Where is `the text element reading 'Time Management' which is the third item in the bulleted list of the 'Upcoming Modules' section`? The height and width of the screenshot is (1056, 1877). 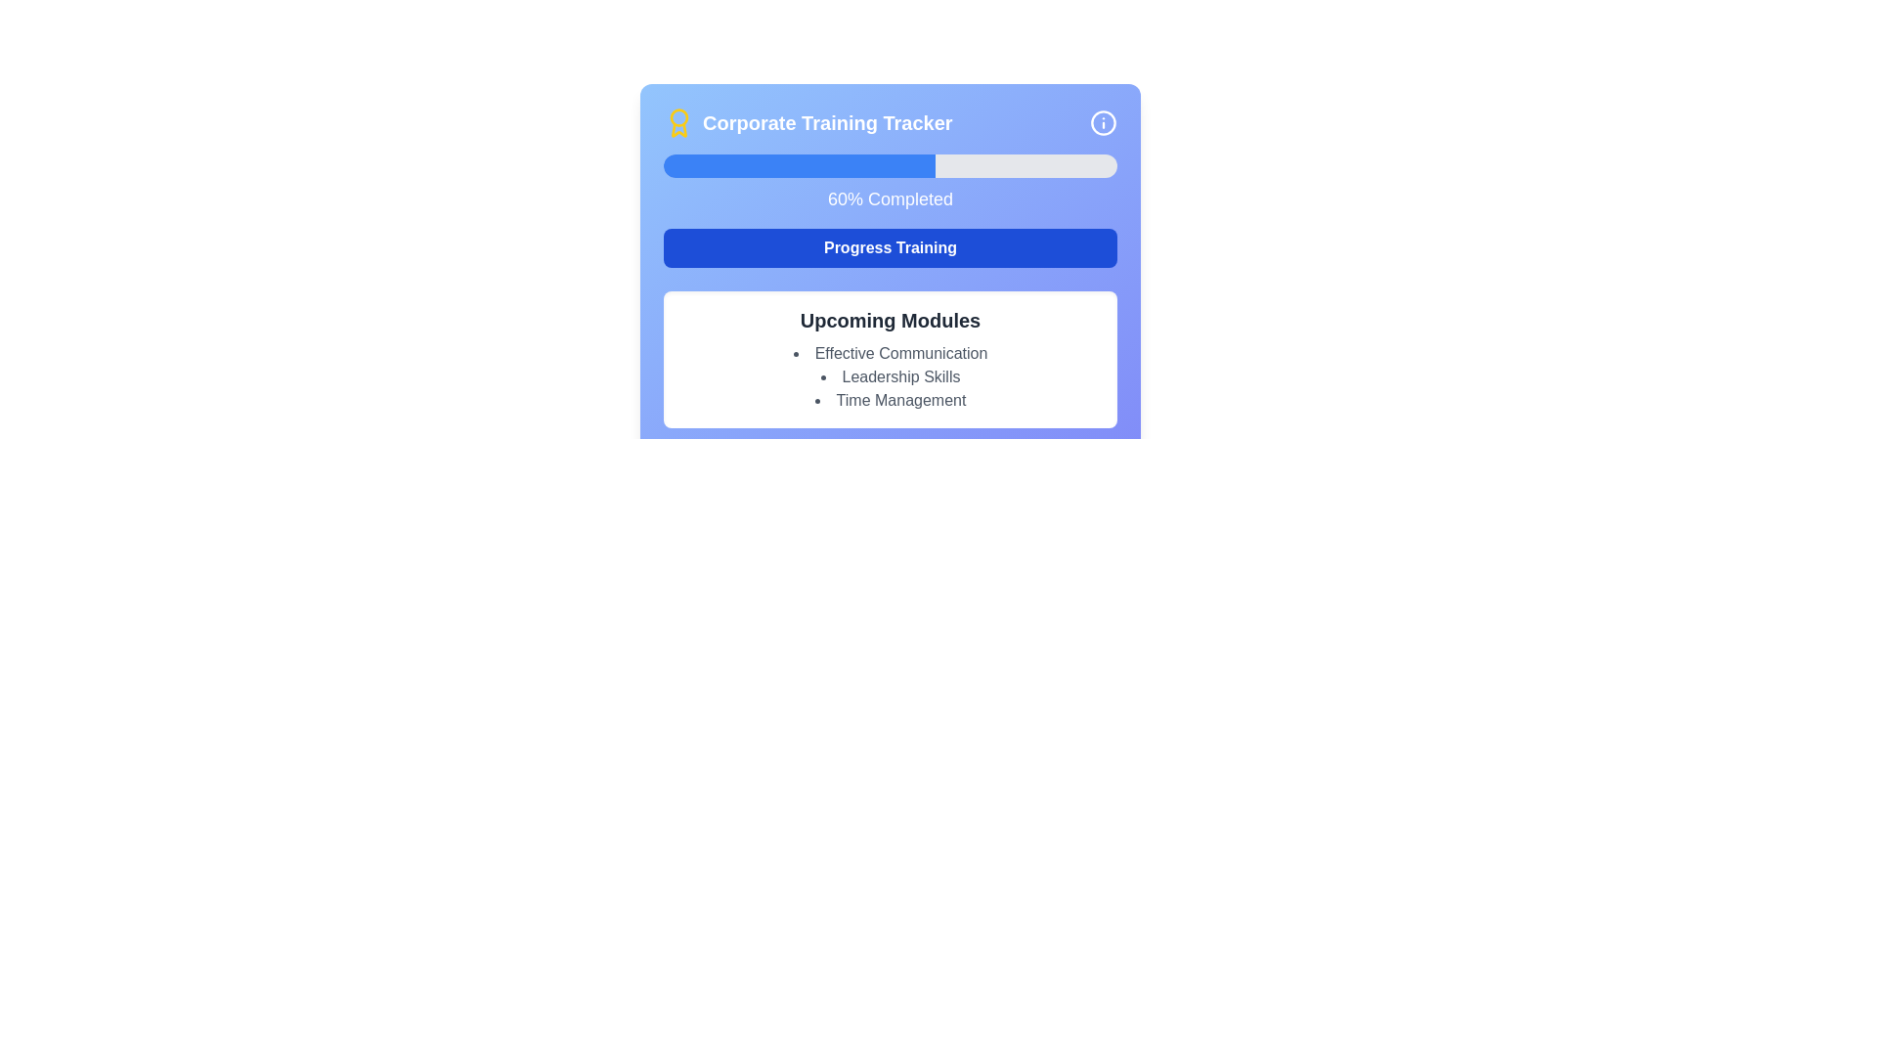
the text element reading 'Time Management' which is the third item in the bulleted list of the 'Upcoming Modules' section is located at coordinates (890, 399).